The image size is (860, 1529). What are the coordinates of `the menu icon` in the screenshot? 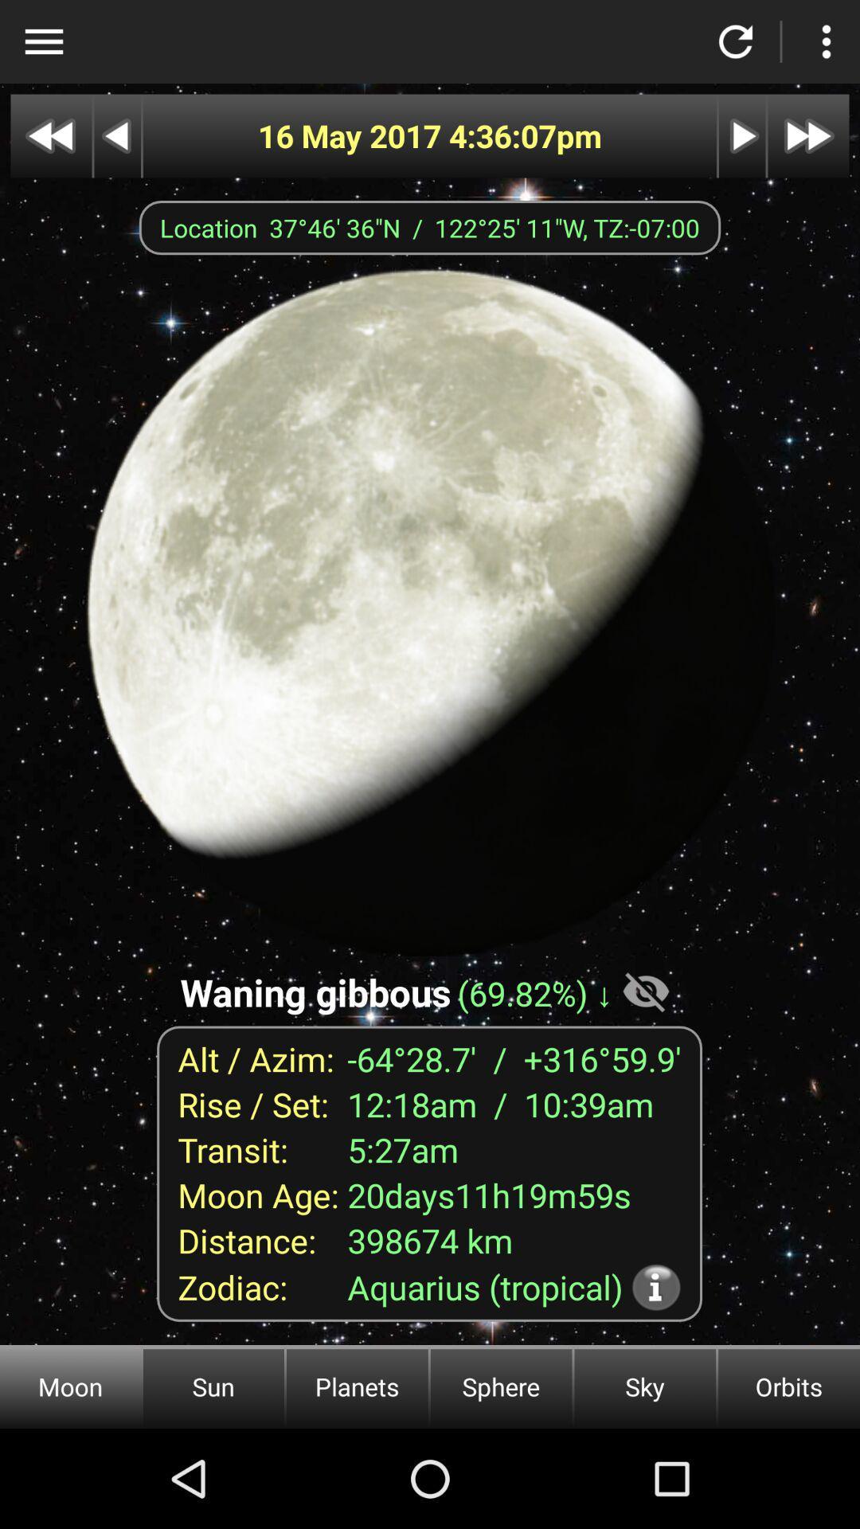 It's located at (43, 41).